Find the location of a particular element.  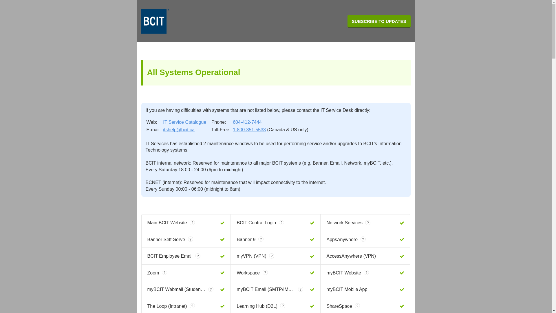

'IT Service Catalogue' is located at coordinates (184, 122).